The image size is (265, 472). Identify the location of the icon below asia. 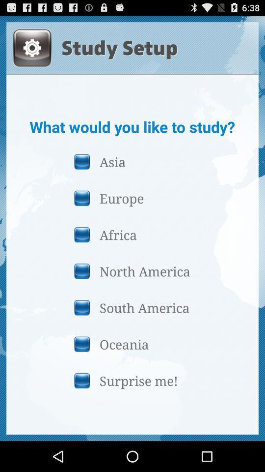
(132, 198).